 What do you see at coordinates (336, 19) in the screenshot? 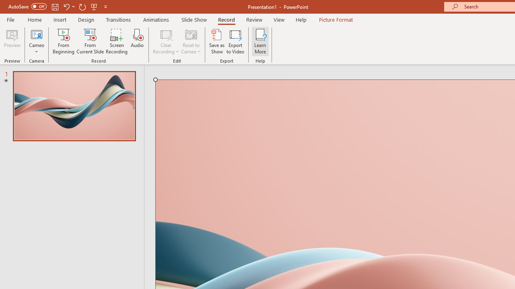
I see `'Picture Format'` at bounding box center [336, 19].